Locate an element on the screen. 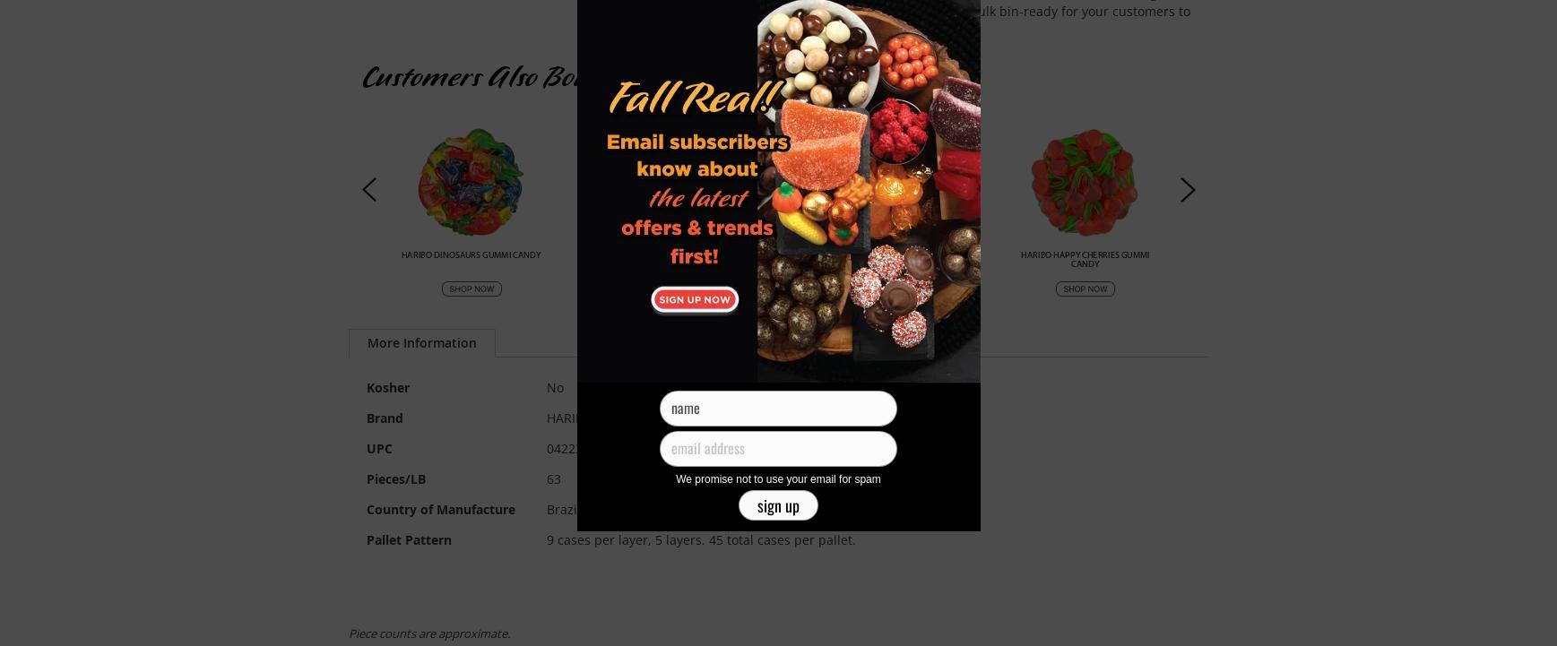 This screenshot has width=1557, height=646. 'Brand' is located at coordinates (383, 417).